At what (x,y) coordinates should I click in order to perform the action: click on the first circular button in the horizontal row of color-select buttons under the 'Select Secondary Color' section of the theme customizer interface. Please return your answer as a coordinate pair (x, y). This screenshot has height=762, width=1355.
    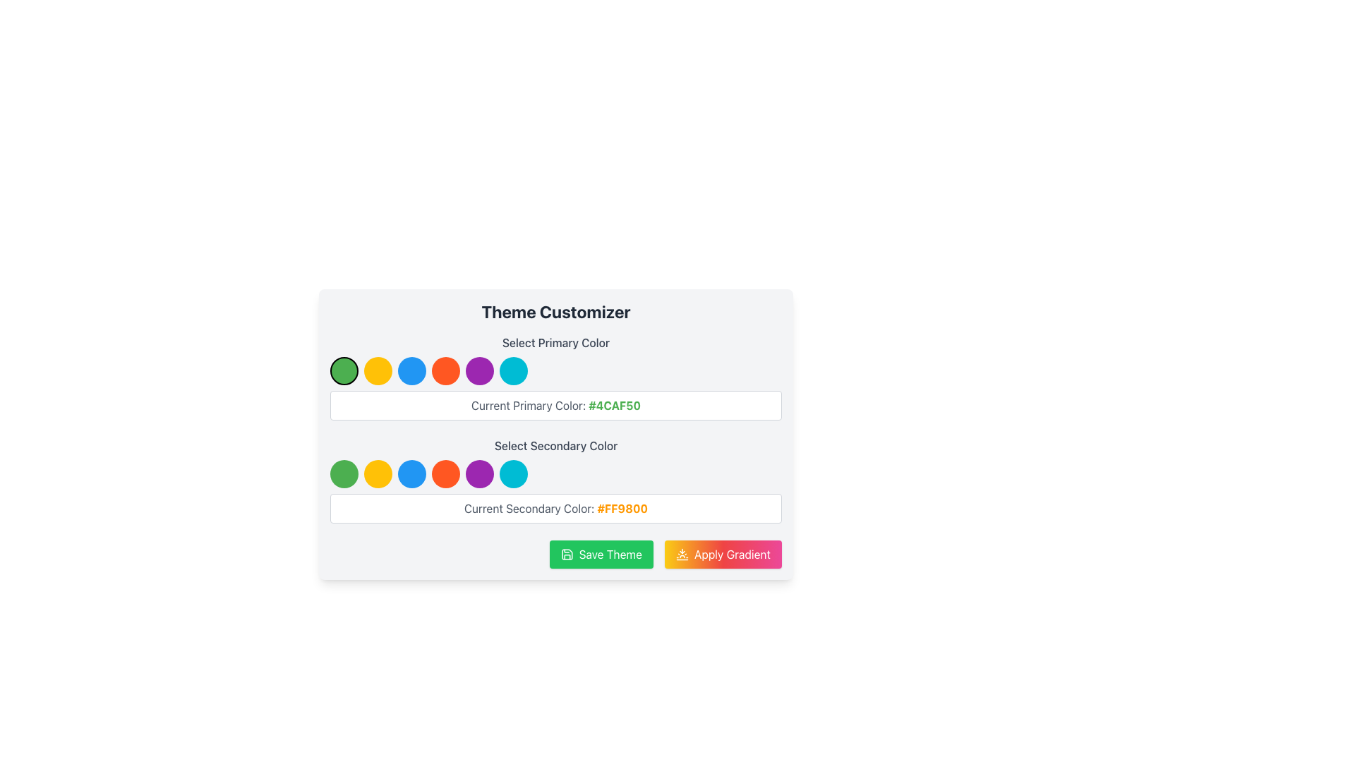
    Looking at the image, I should click on (344, 473).